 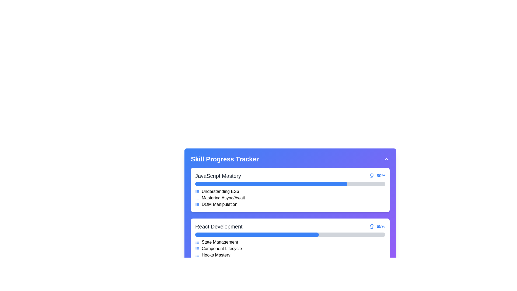 I want to click on the text label representing the skill 'Component Lifecycle' in the React Development category within the progress tracker UI, so click(x=290, y=248).